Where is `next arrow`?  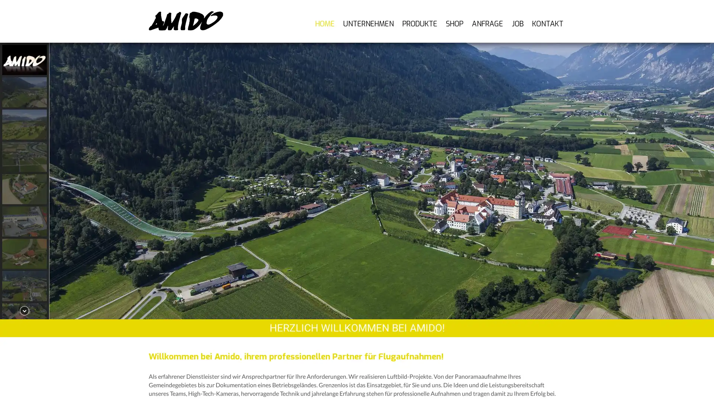 next arrow is located at coordinates (702, 180).